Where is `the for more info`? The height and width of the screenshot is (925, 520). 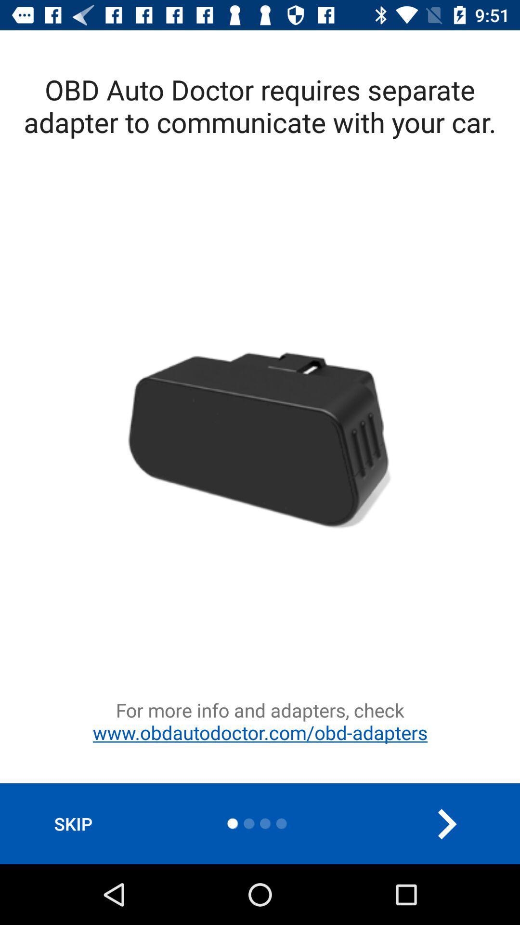 the for more info is located at coordinates (260, 740).